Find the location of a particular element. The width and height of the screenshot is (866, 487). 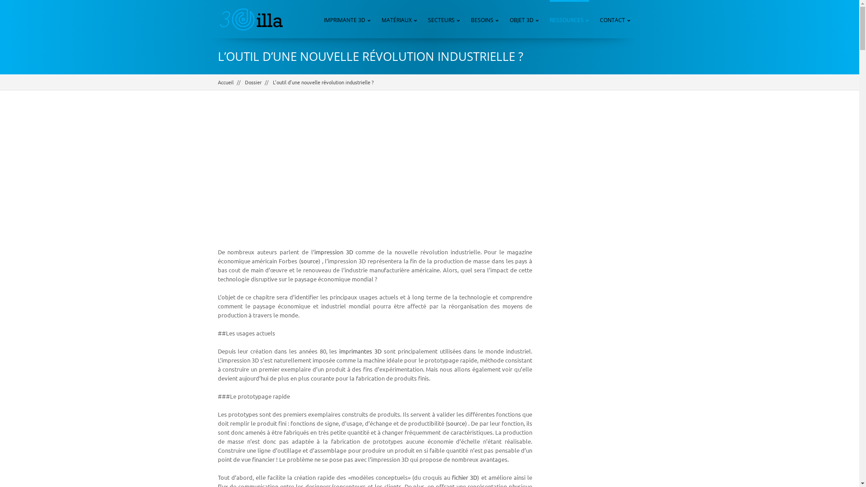

'Accueil' is located at coordinates (217, 82).